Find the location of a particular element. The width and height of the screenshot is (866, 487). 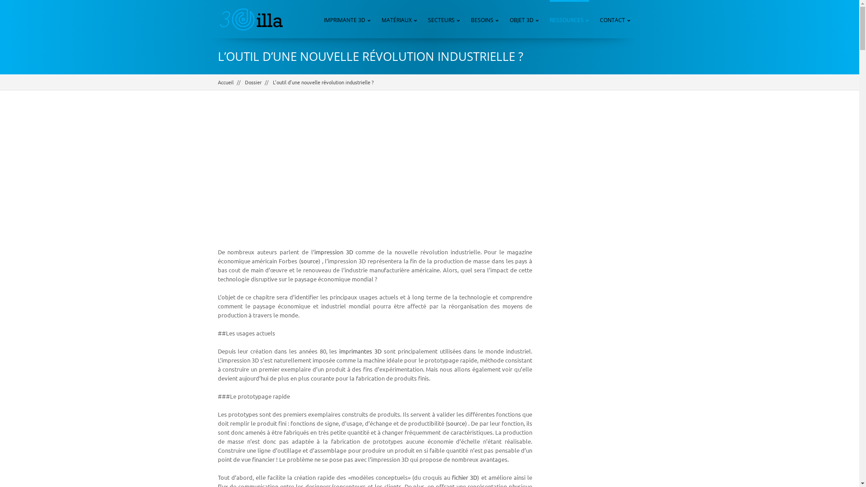

'Accueil' is located at coordinates (217, 82).